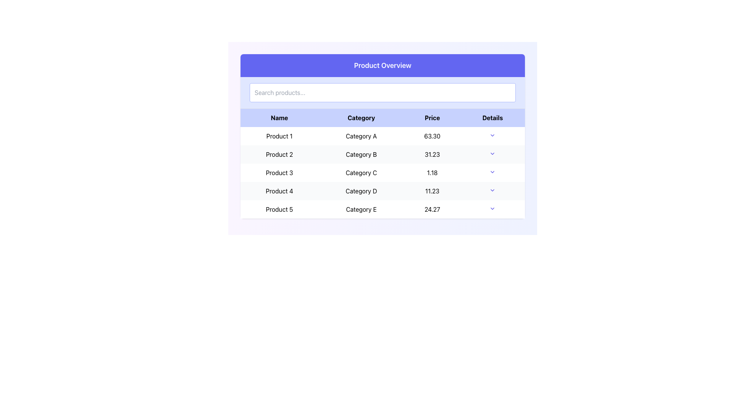 The height and width of the screenshot is (412, 733). Describe the element at coordinates (361, 191) in the screenshot. I see `the text label displaying 'Category D' in the fourth row of the table under the 'Category' column` at that location.